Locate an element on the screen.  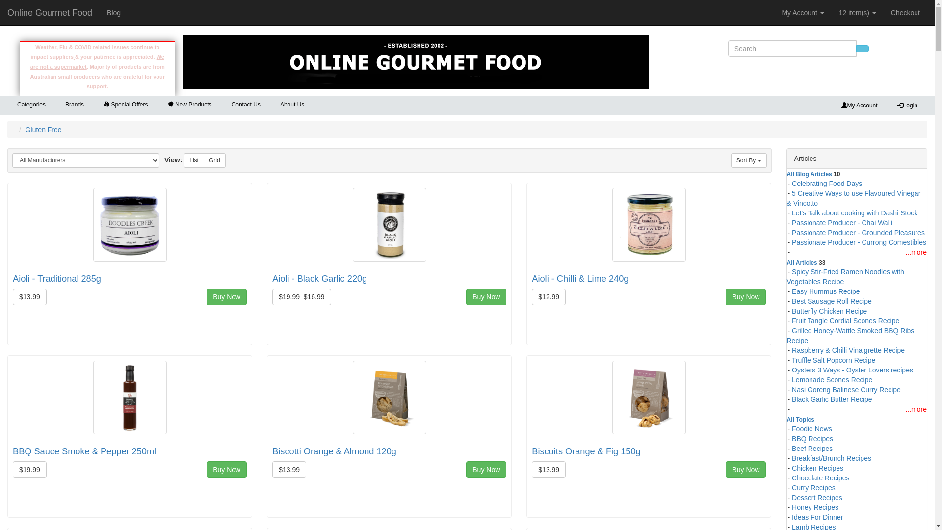
'About Us' is located at coordinates (291, 105).